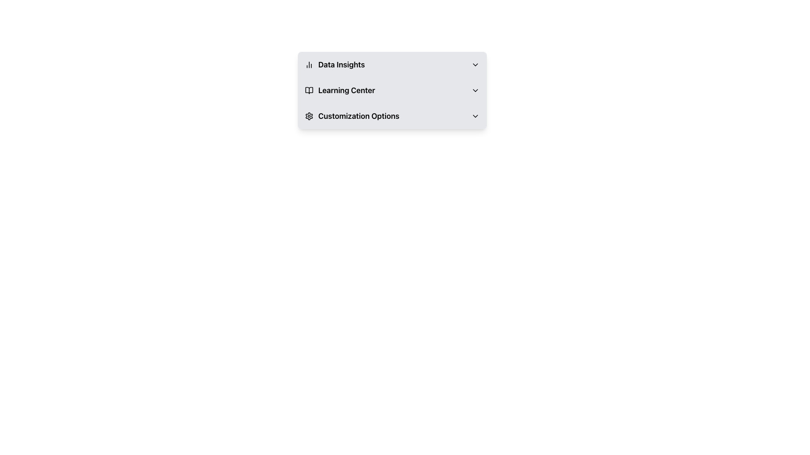  Describe the element at coordinates (334, 64) in the screenshot. I see `the 'Data Insights' button, which features a bar chart icon and bold text` at that location.